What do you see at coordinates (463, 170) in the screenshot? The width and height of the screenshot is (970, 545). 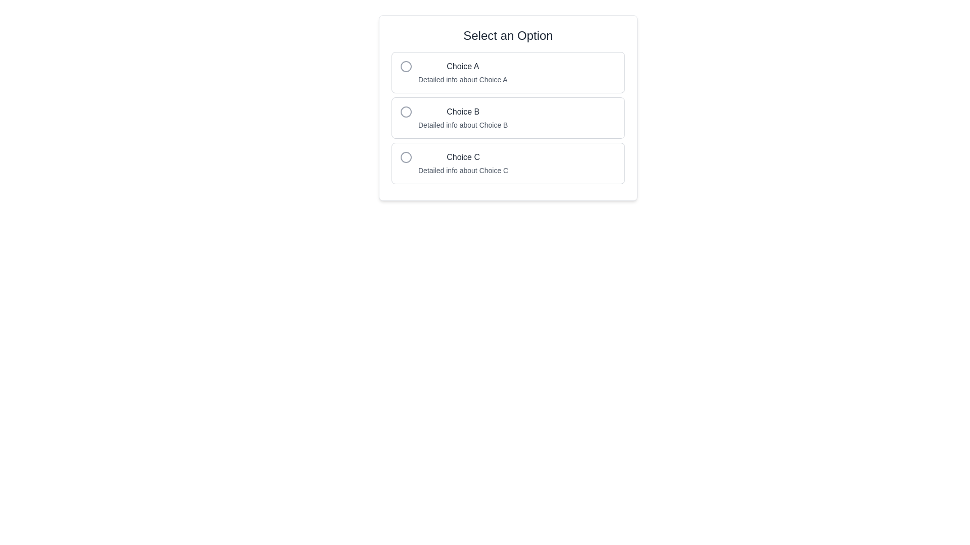 I see `the text snippet that says 'Detailed info about Choice C', which is styled in light gray and located below the 'Choice C' label in the third selectable option box` at bounding box center [463, 170].